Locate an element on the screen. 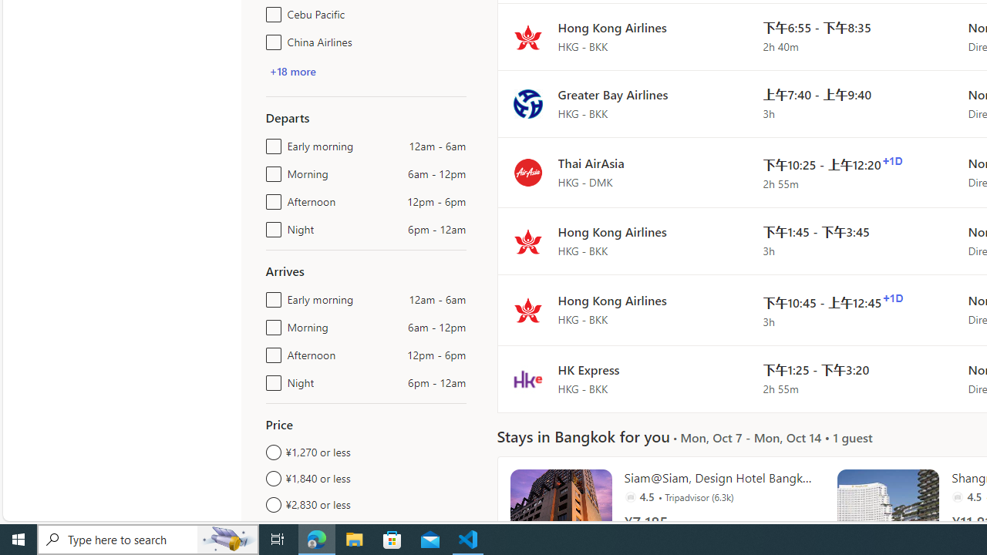 Image resolution: width=987 pixels, height=555 pixels. 'Flight logo' is located at coordinates (527, 378).